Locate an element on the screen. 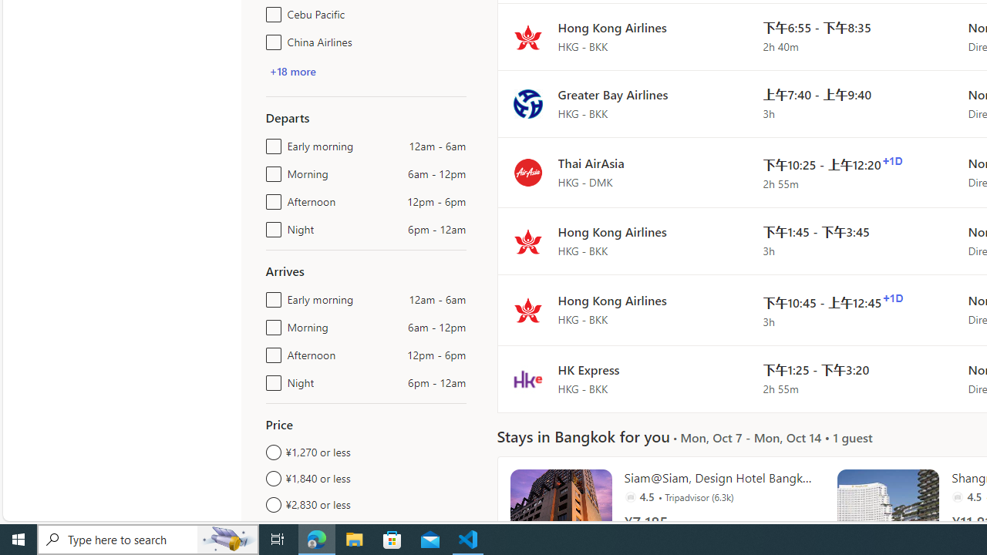 Image resolution: width=987 pixels, height=555 pixels. 'Flight logo' is located at coordinates (527, 378).